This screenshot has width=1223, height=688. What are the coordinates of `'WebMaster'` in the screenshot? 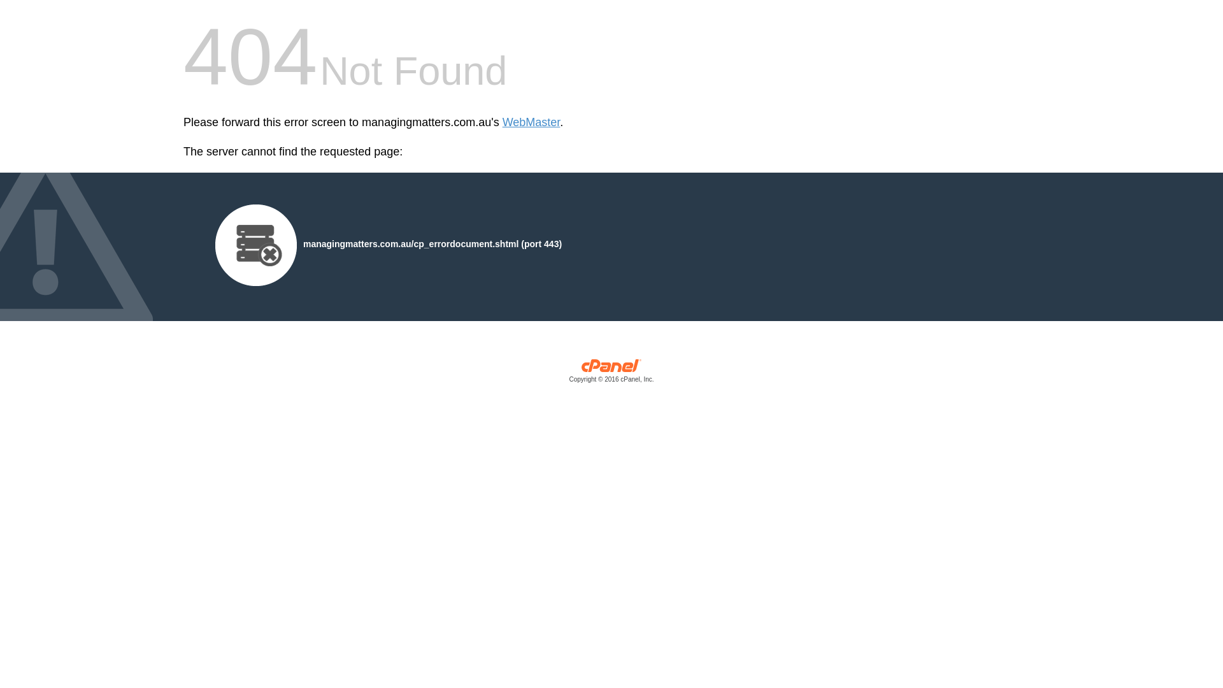 It's located at (531, 122).